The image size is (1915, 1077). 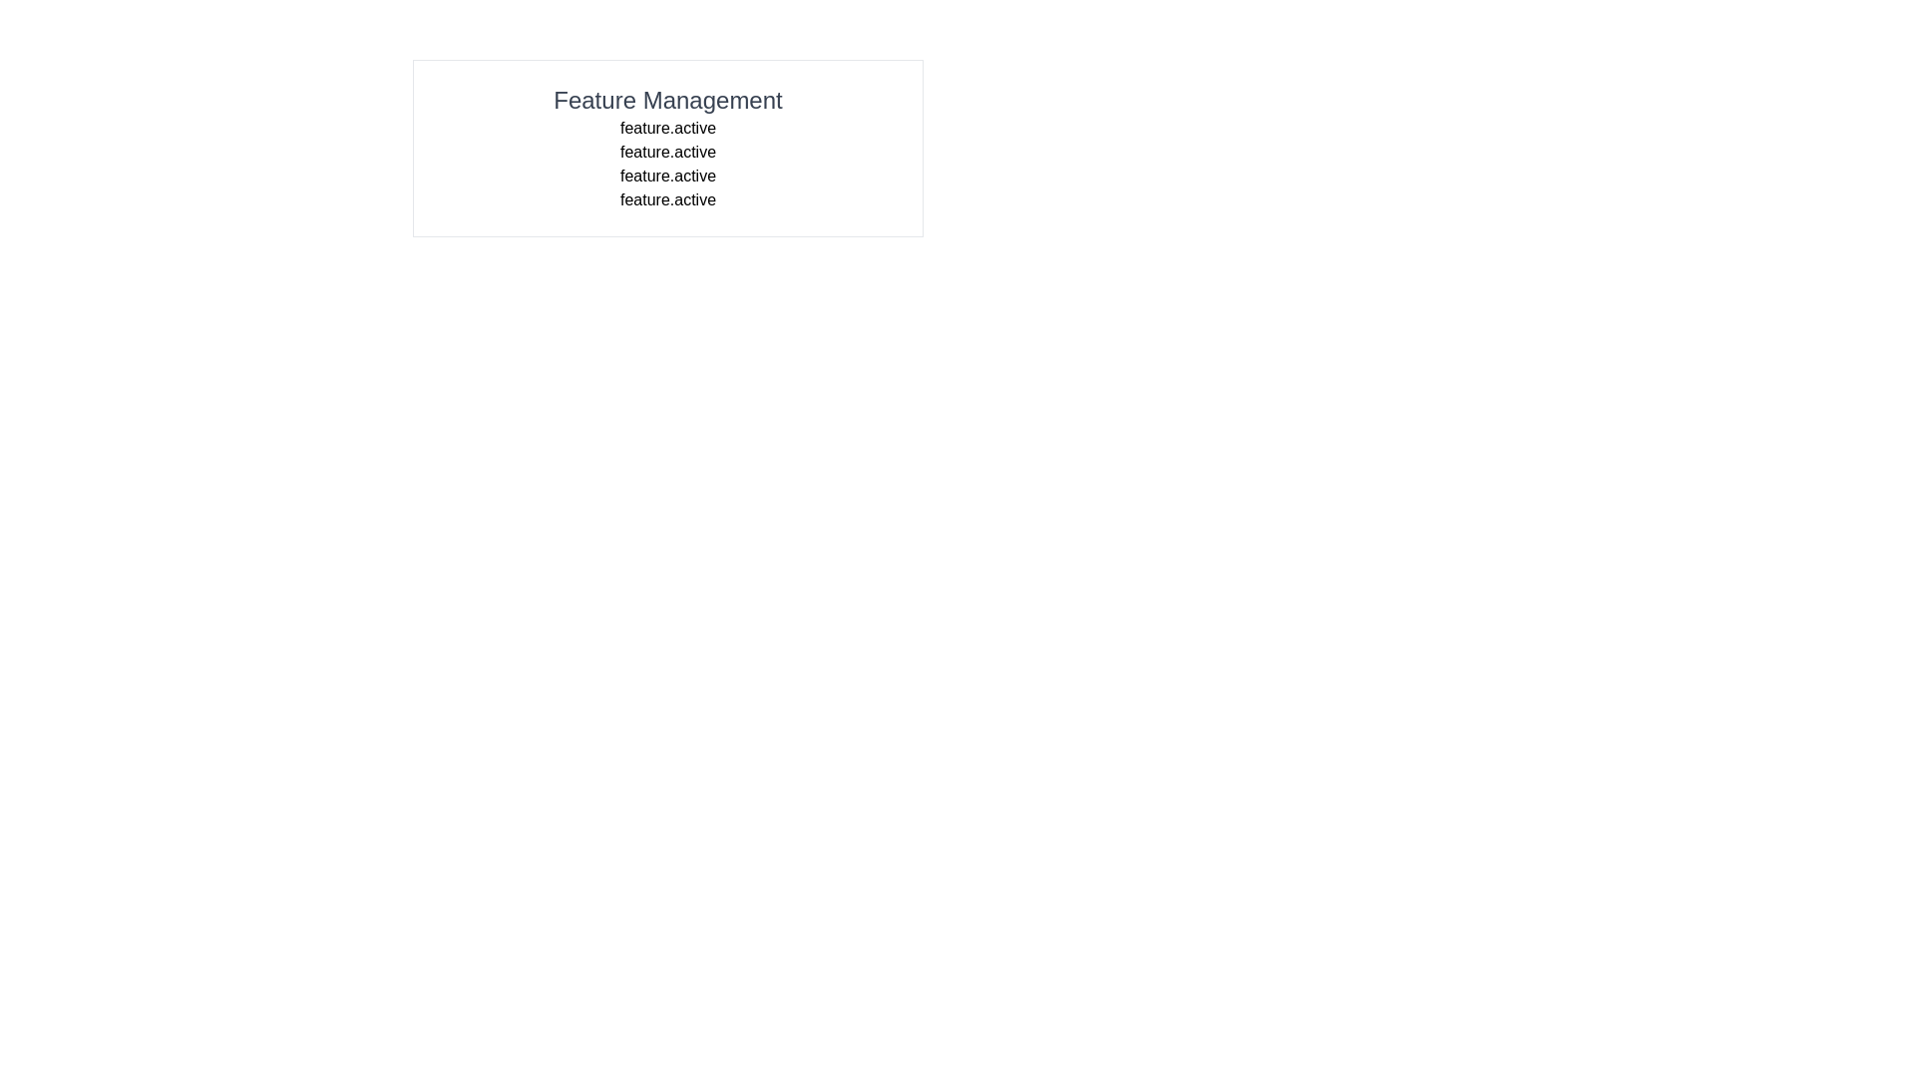 What do you see at coordinates (668, 176) in the screenshot?
I see `the text label reading 'feature.active', which is the third item in a vertically stacked list under the heading 'Feature Management'` at bounding box center [668, 176].